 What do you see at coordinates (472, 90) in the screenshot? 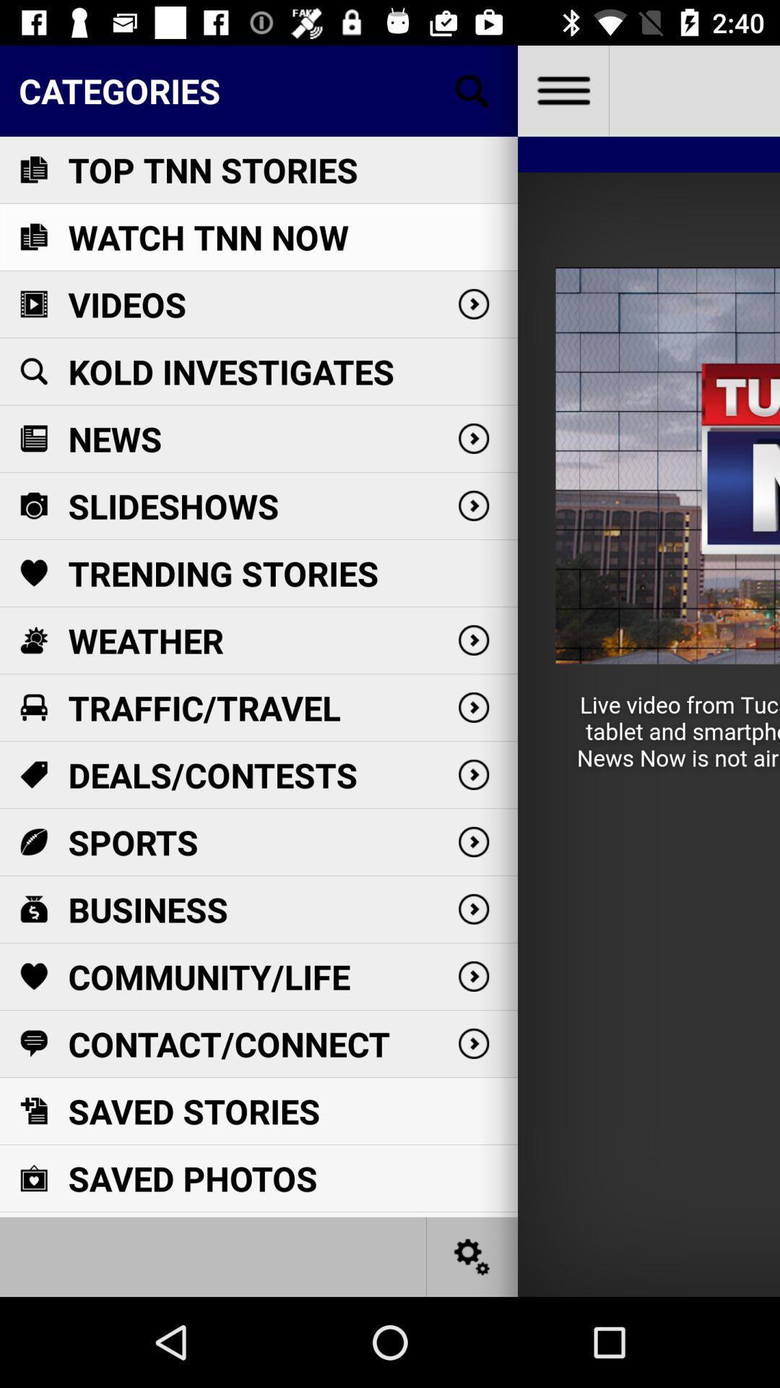
I see `the search icon` at bounding box center [472, 90].